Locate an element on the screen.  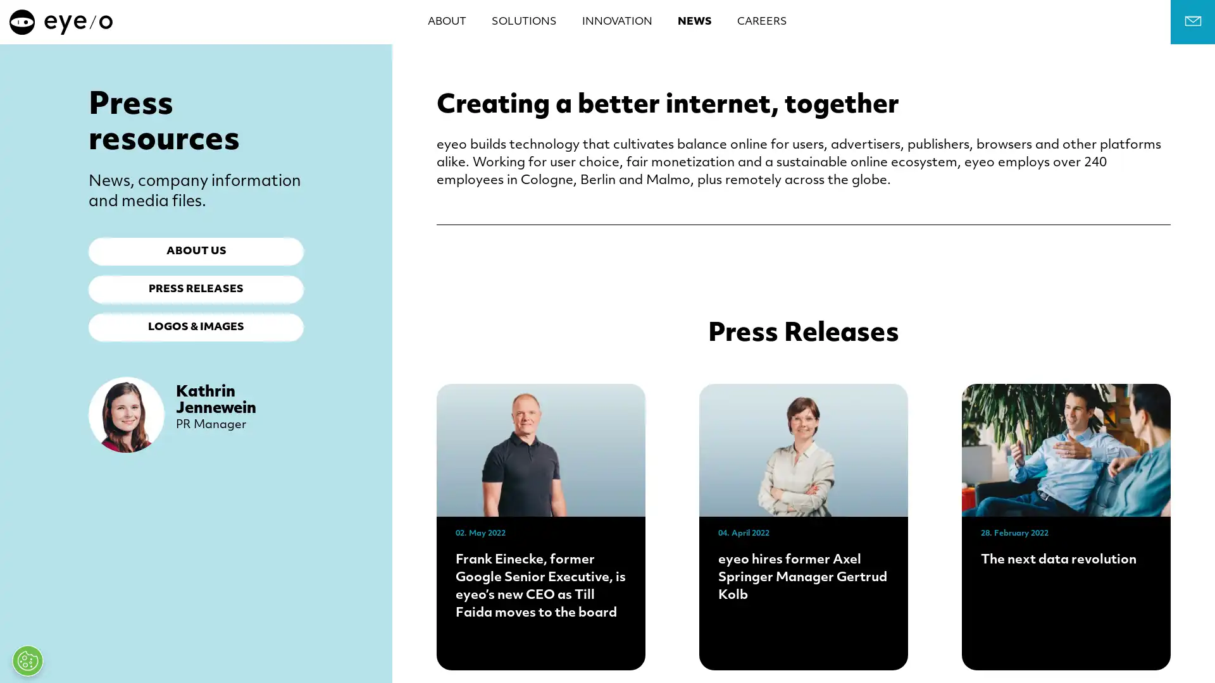
Open Preferences is located at coordinates (27, 660).